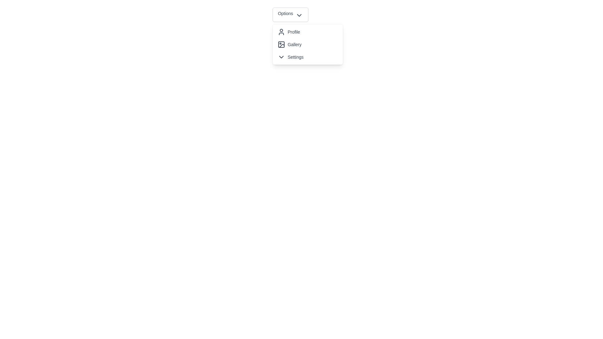 This screenshot has width=603, height=339. What do you see at coordinates (307, 57) in the screenshot?
I see `the 'Settings' menu item in the dropdown menu` at bounding box center [307, 57].